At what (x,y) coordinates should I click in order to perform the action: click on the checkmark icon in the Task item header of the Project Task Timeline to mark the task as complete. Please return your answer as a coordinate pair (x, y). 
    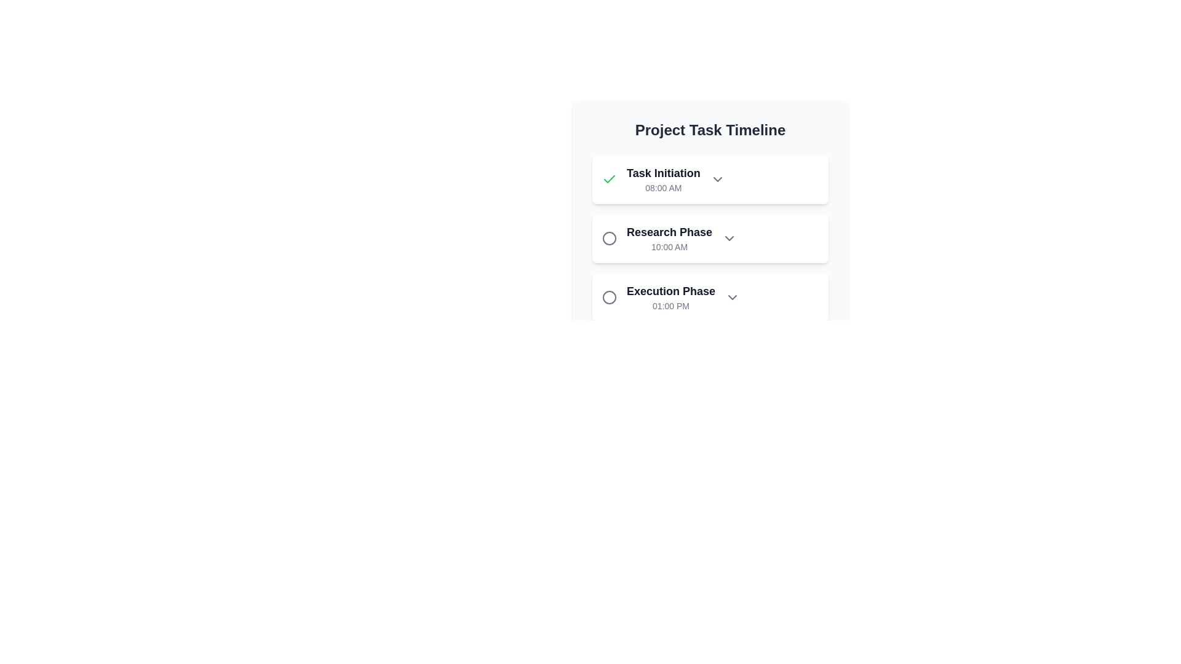
    Looking at the image, I should click on (710, 180).